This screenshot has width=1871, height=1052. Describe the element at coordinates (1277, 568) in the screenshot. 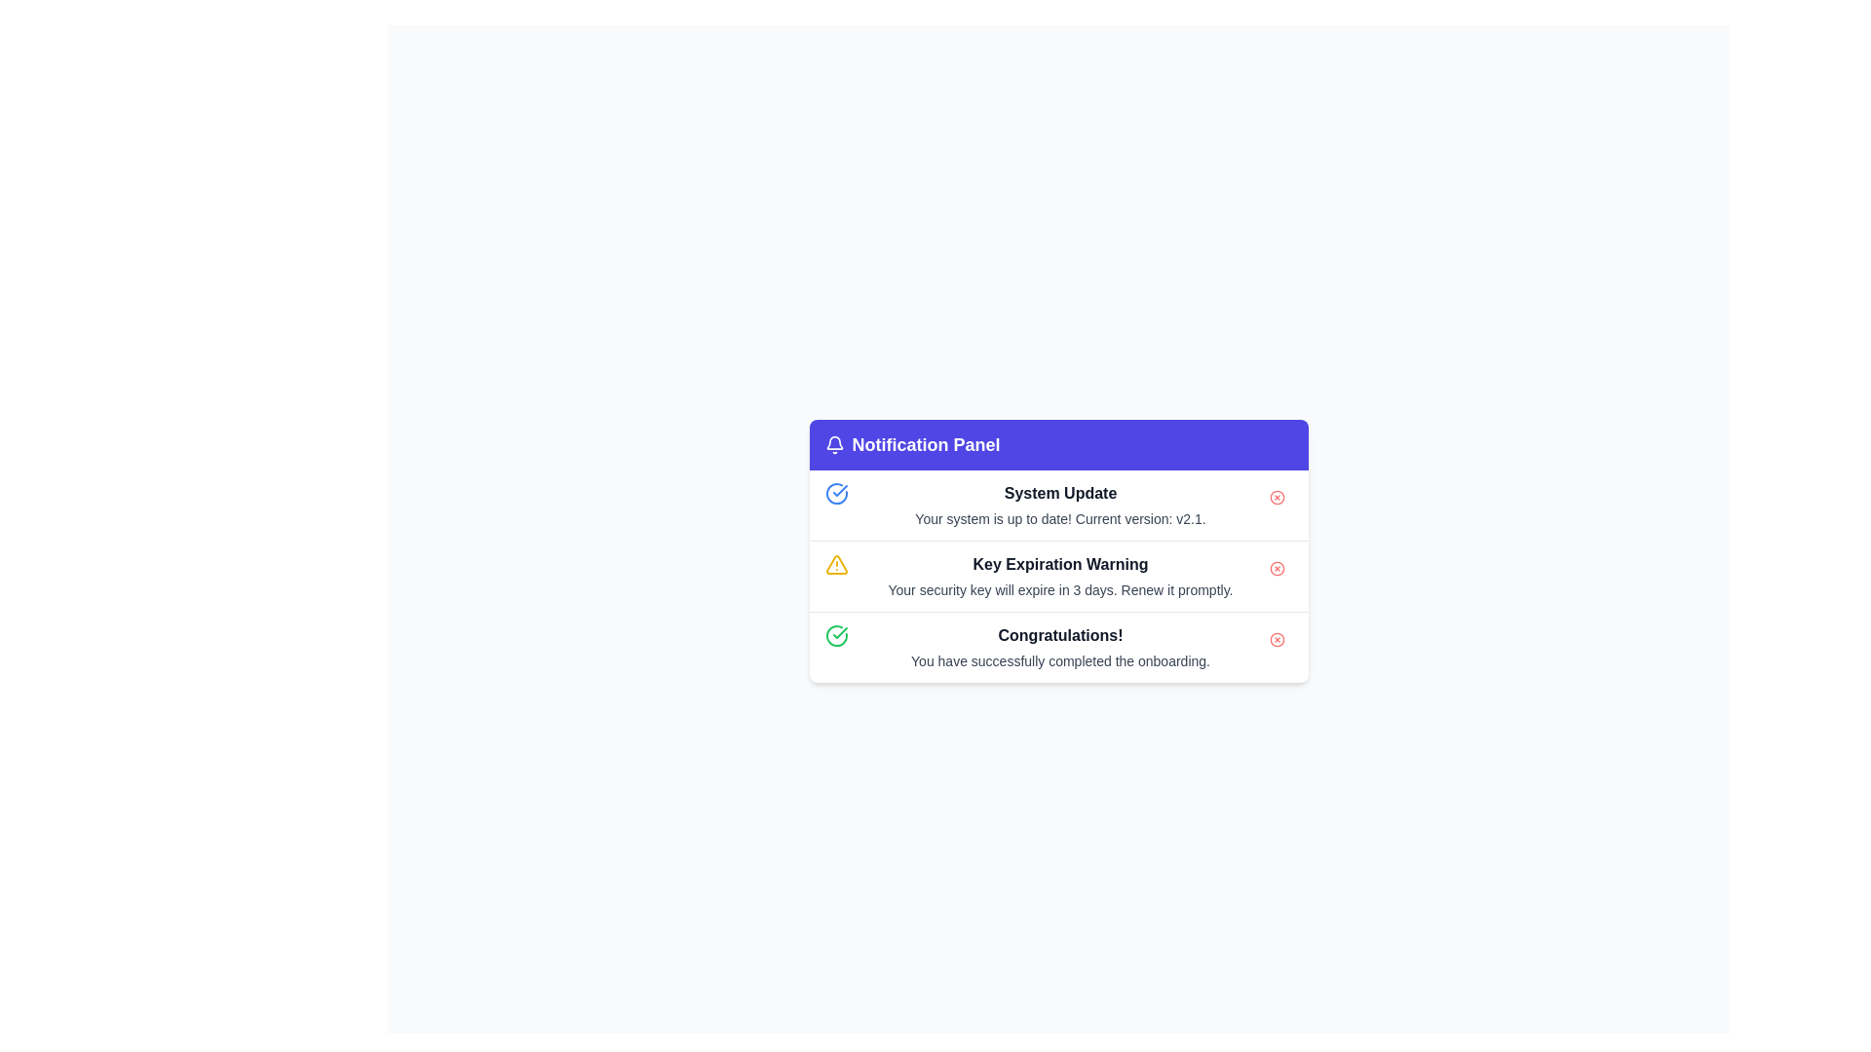

I see `the interactive button at the rightmost side of the 'Key Expiration Warning' notification row` at that location.